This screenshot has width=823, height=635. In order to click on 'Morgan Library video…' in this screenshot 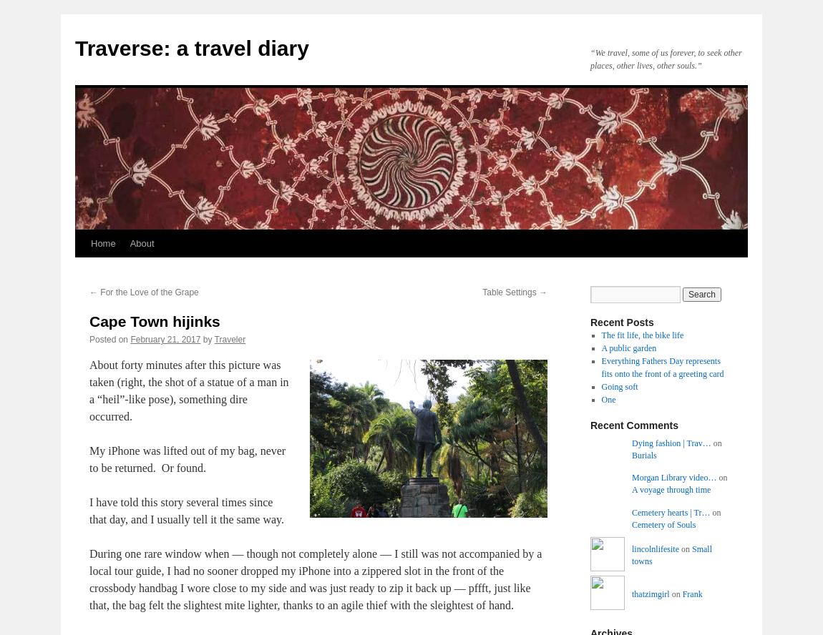, I will do `click(673, 476)`.